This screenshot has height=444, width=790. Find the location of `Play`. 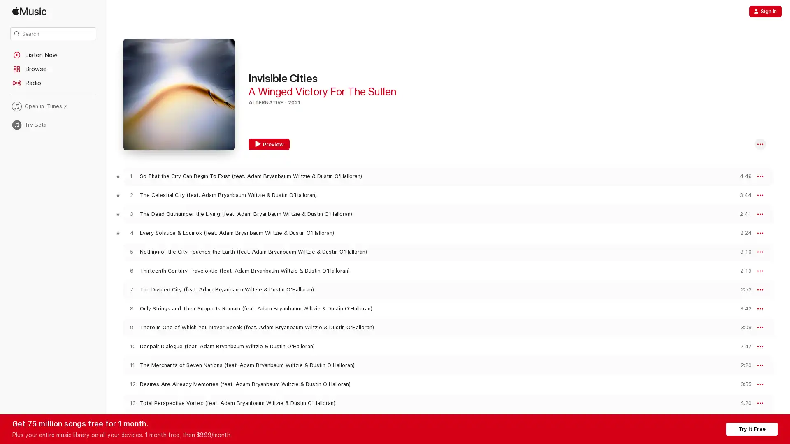

Play is located at coordinates (131, 251).